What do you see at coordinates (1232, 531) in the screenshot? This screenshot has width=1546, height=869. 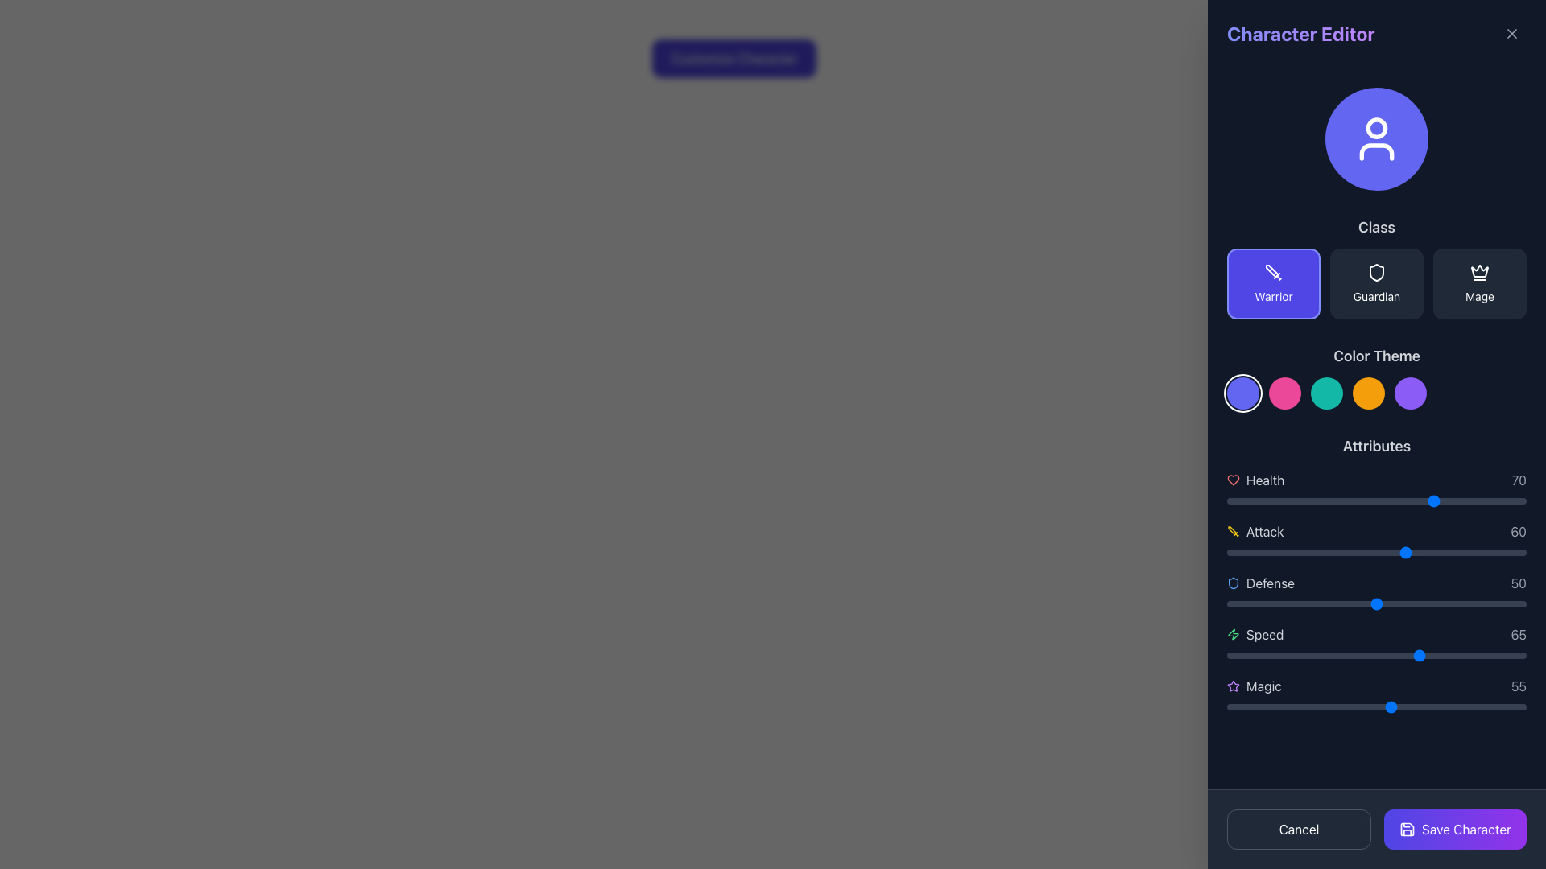 I see `or interpret the 'Attack' icon located to the left of the text 'attack' in the Attributes section of the Character Editor interface` at bounding box center [1232, 531].